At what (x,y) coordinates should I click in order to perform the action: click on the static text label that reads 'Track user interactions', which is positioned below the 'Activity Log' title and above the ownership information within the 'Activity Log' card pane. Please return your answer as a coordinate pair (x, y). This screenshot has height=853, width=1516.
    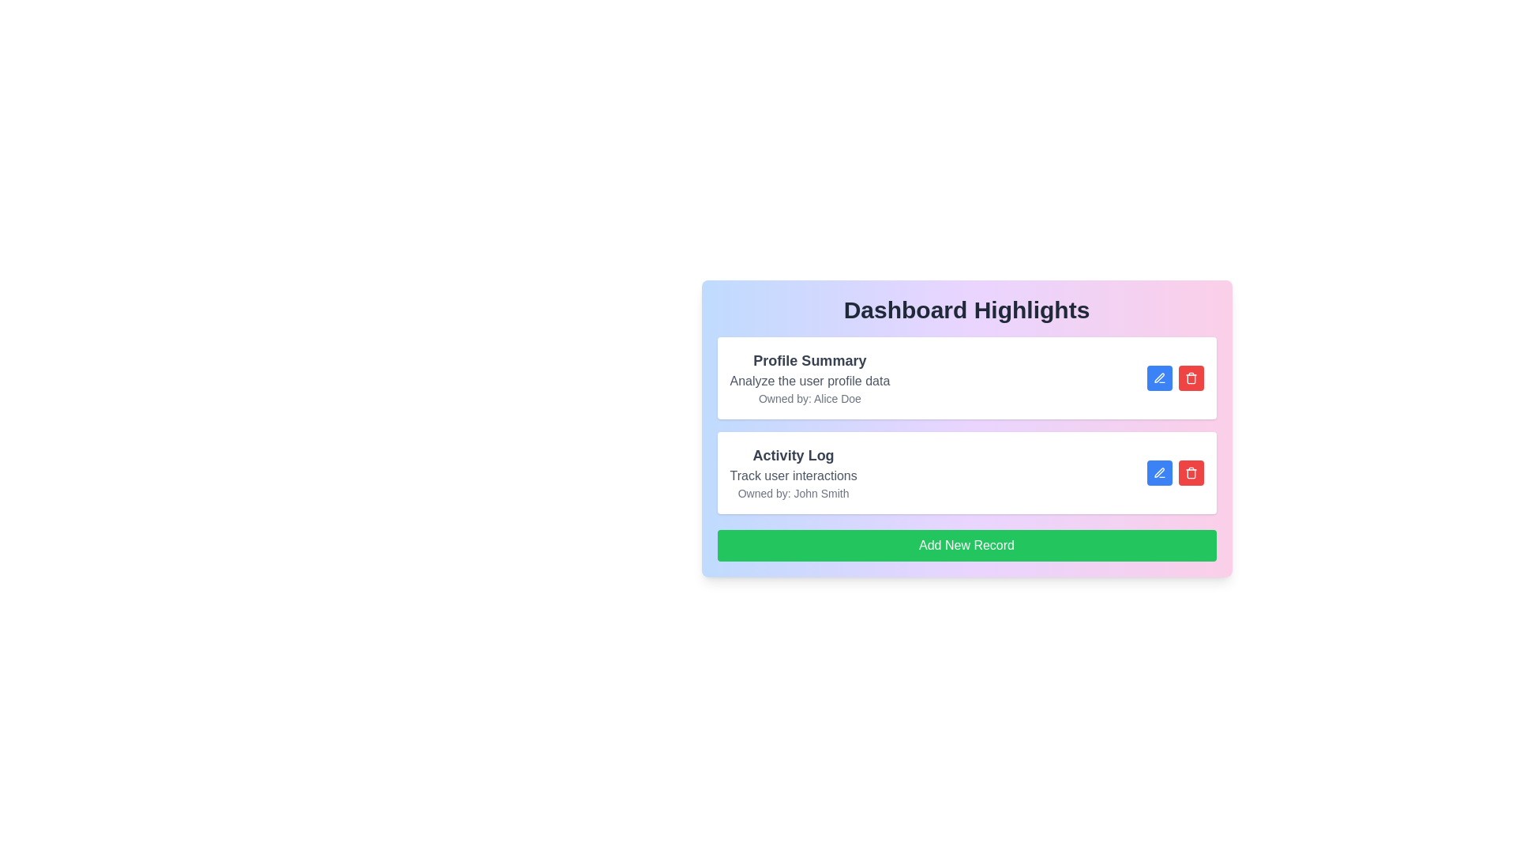
    Looking at the image, I should click on (794, 475).